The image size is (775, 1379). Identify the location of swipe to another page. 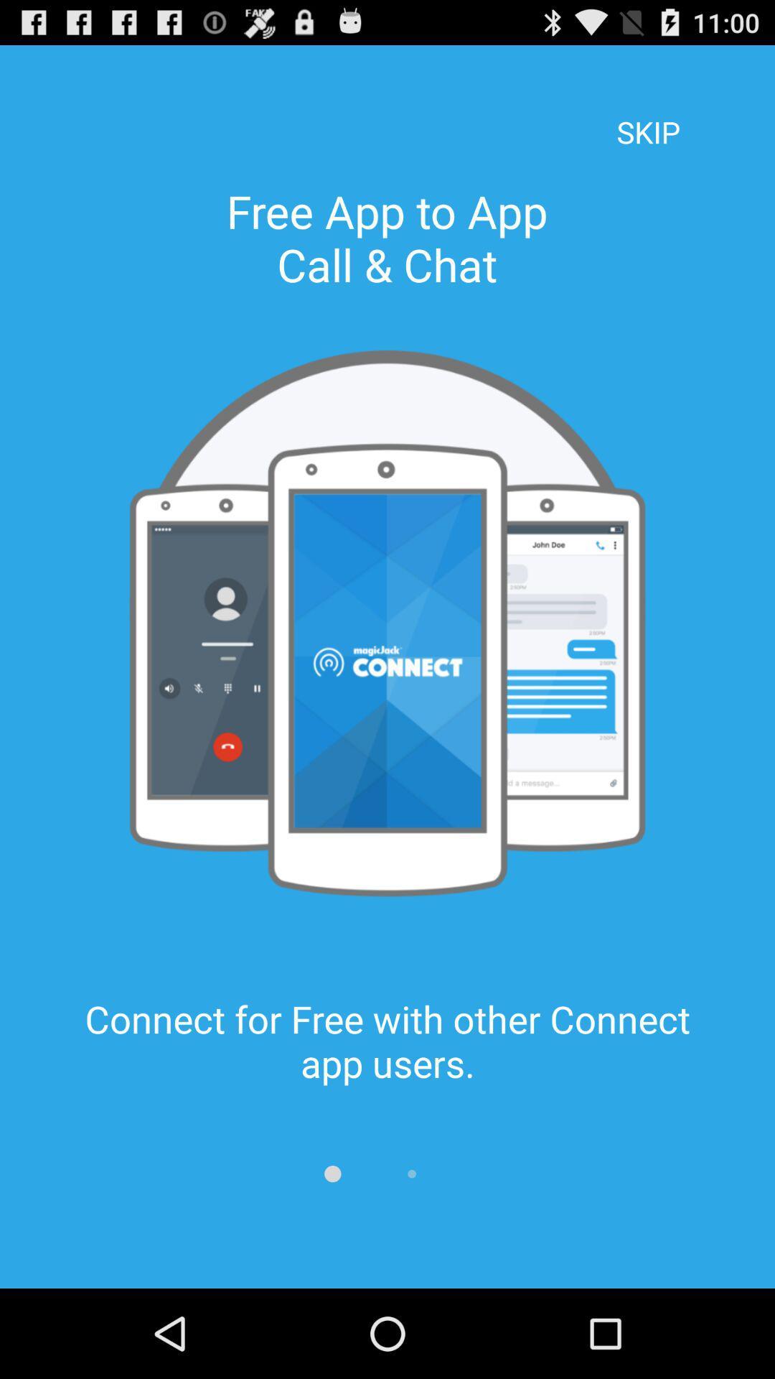
(332, 1174).